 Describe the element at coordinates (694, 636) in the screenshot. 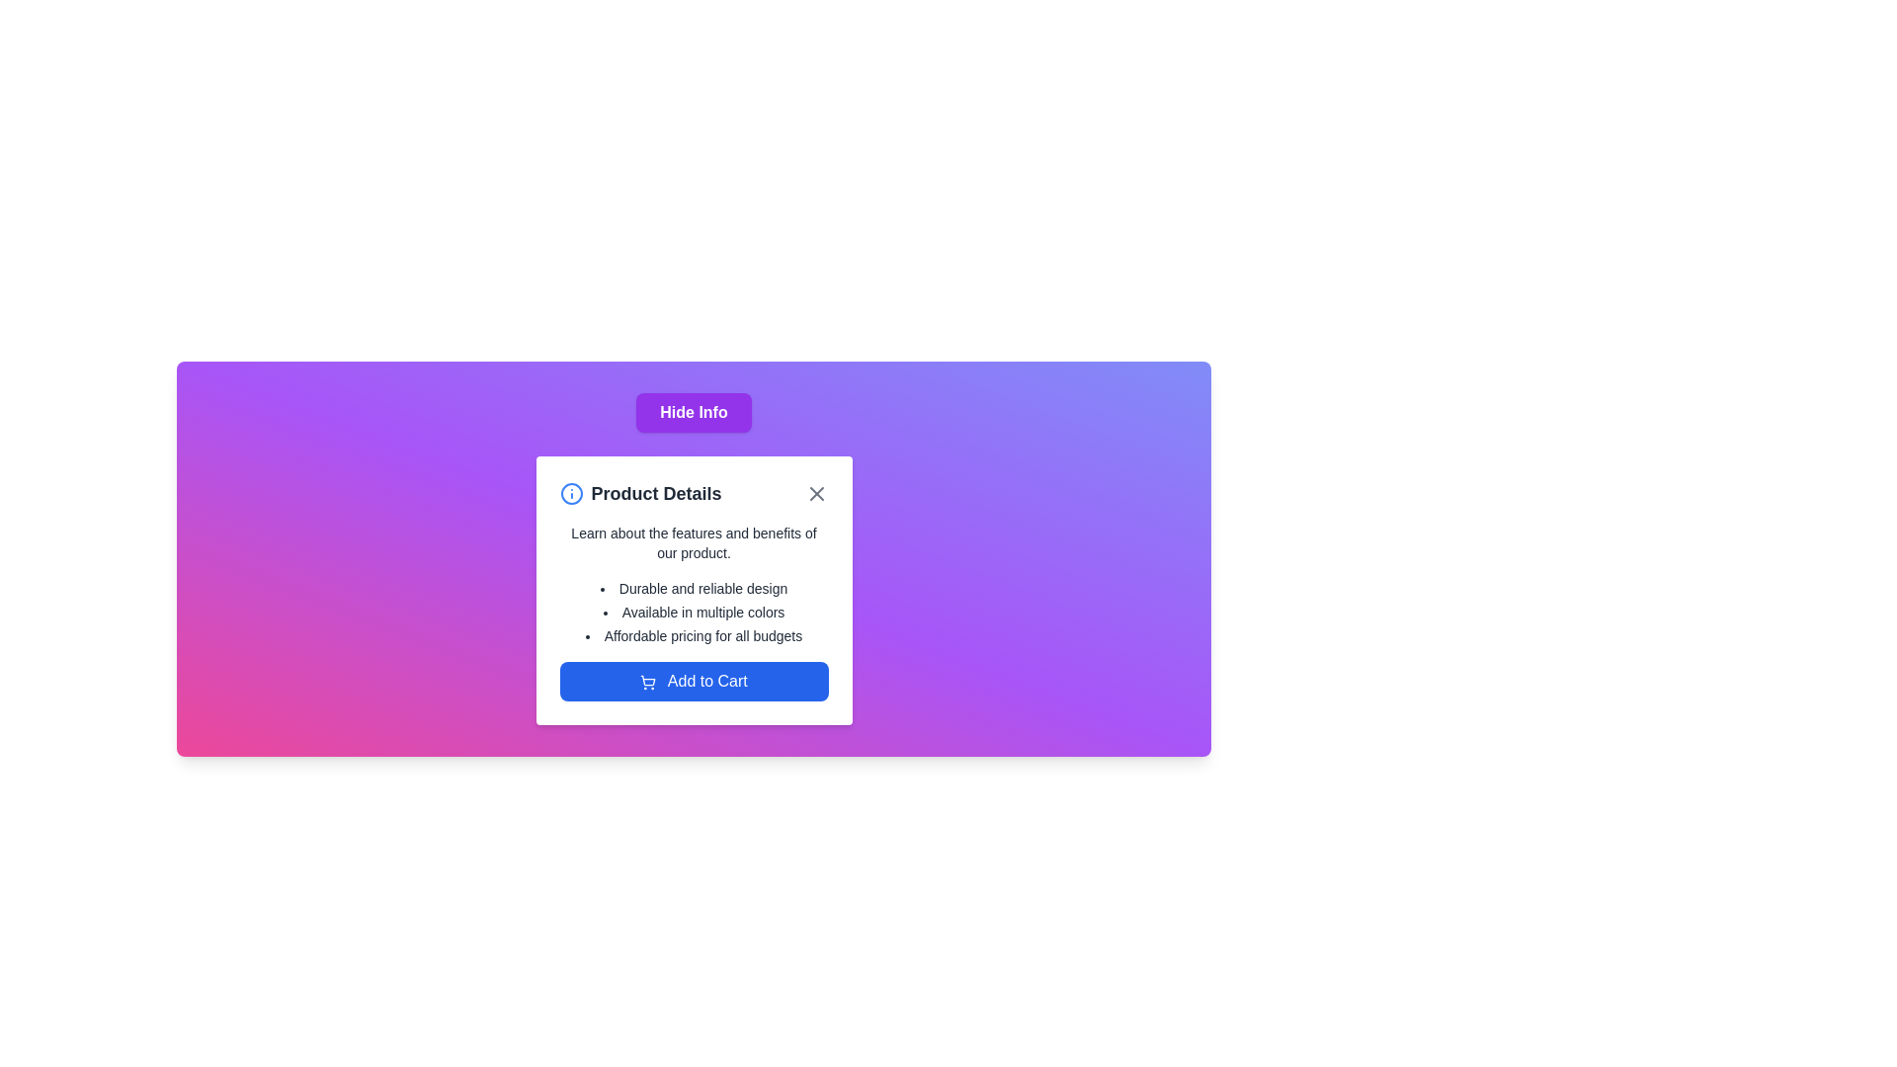

I see `the third static text list item in the 'Product Details' dialog box that highlights product affordability` at that location.